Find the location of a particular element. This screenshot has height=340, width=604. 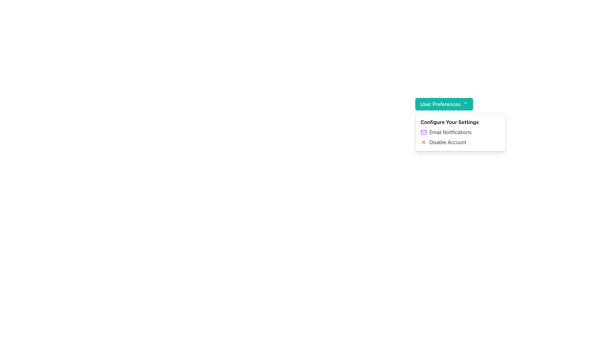

the cancel icon located to the left of the 'Disable Account' text in the 'User Preferences' dropdown menu is located at coordinates (423, 142).